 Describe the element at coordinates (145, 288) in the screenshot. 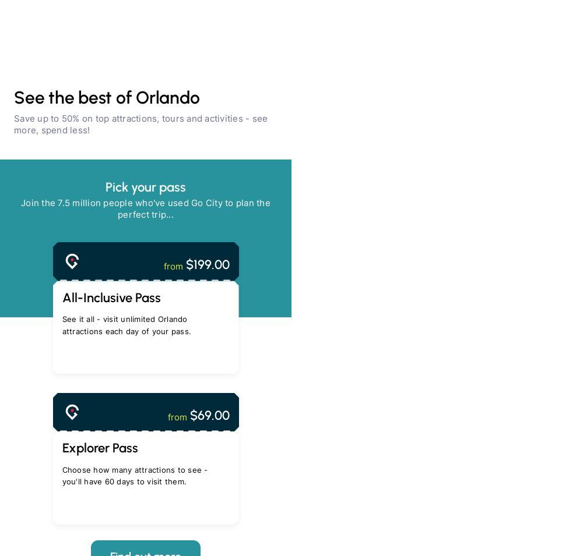

I see `'Why choose Go City®?'` at that location.